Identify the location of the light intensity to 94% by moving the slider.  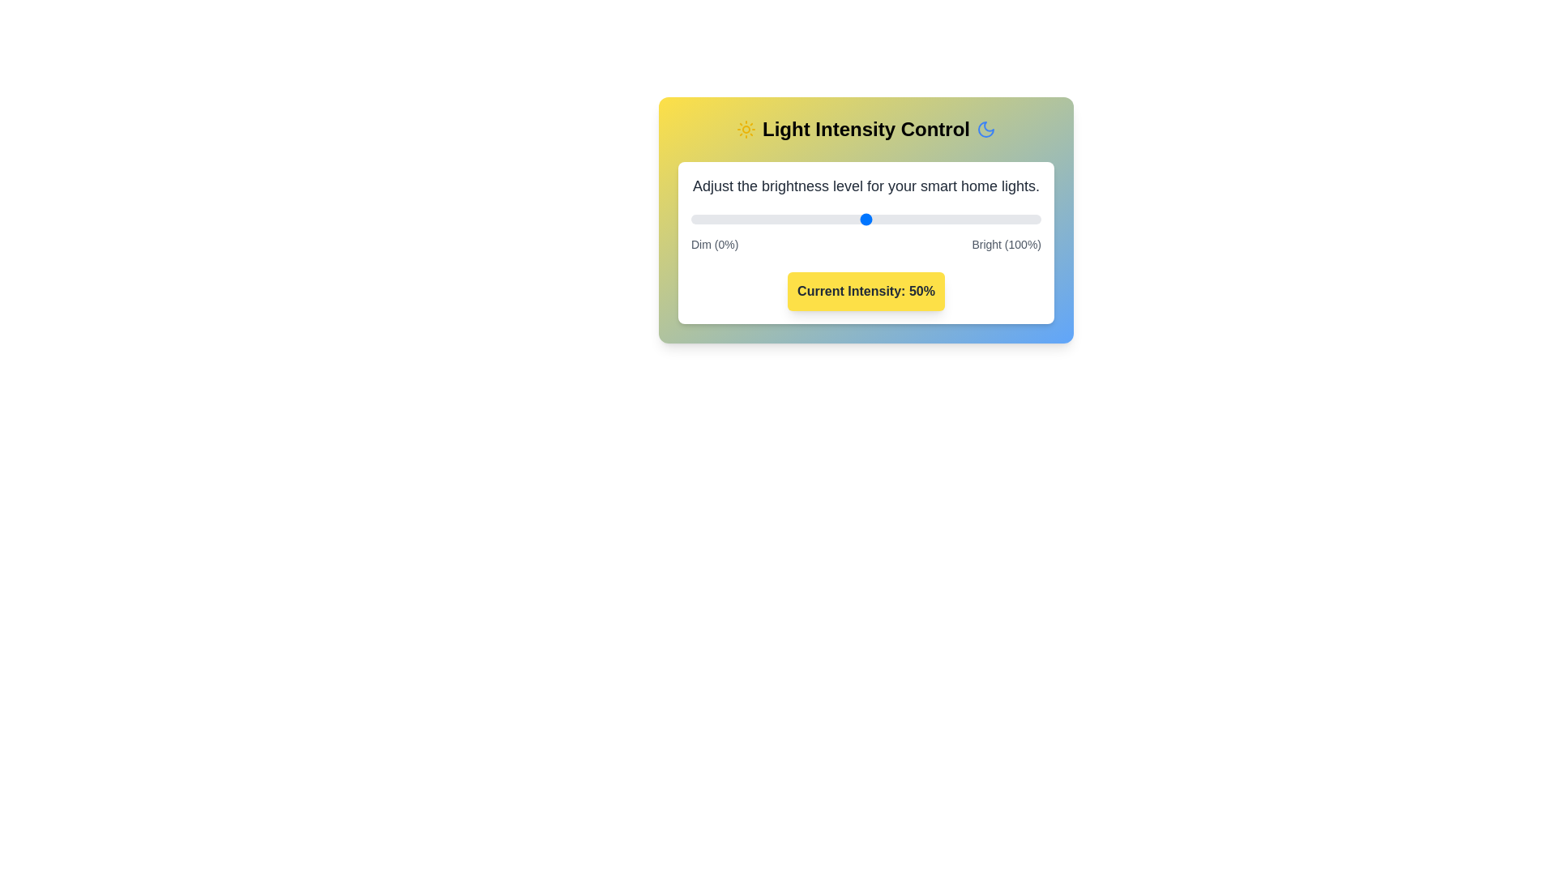
(1020, 219).